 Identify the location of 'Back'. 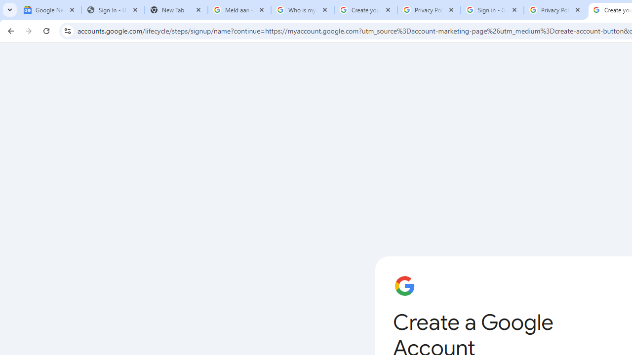
(9, 30).